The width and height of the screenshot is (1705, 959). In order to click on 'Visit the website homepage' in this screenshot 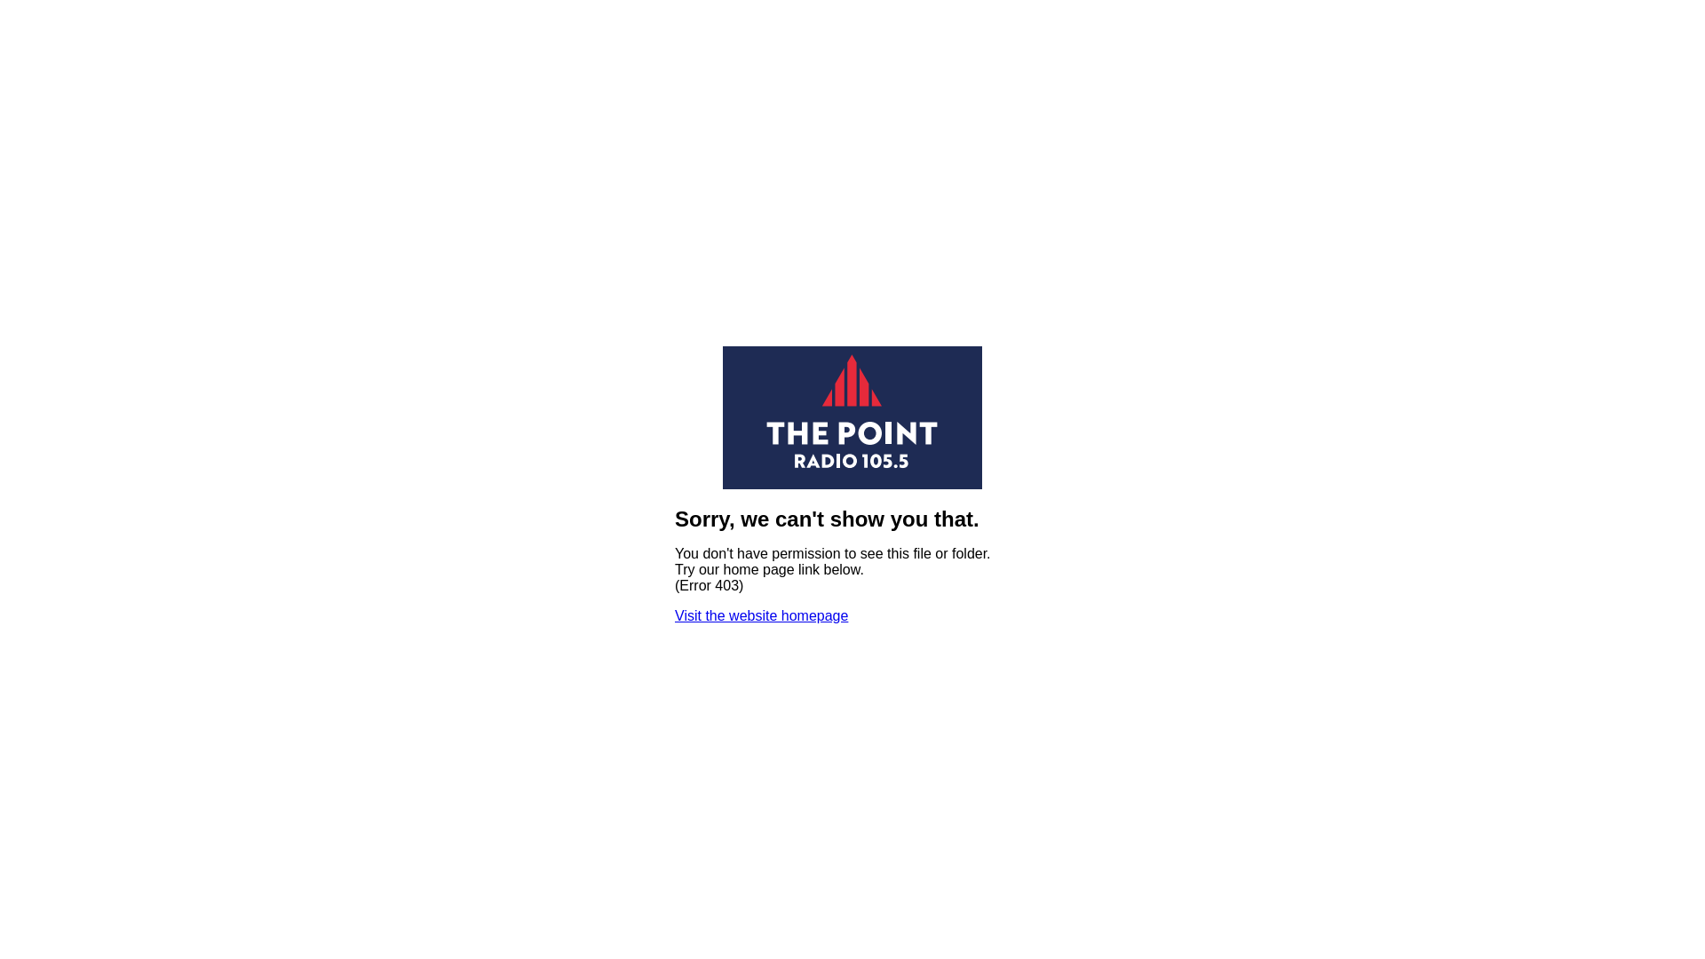, I will do `click(761, 614)`.